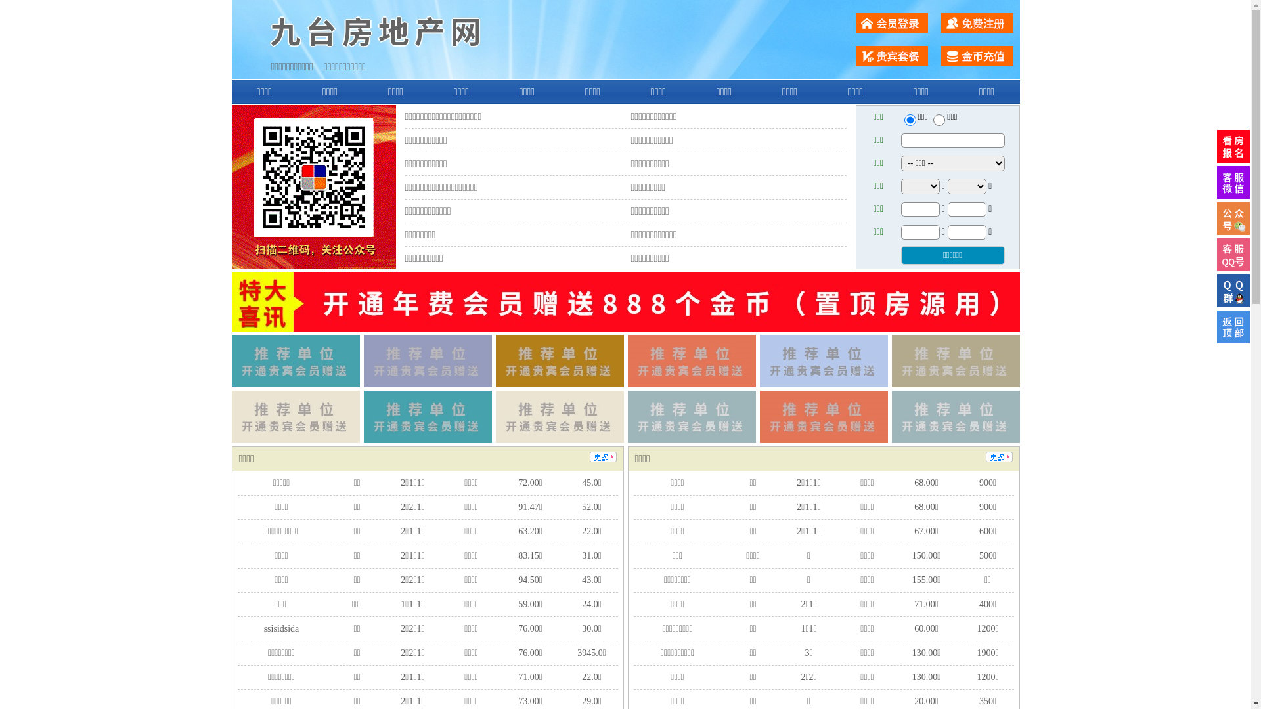 This screenshot has height=709, width=1261. I want to click on 'chuzu', so click(932, 119).